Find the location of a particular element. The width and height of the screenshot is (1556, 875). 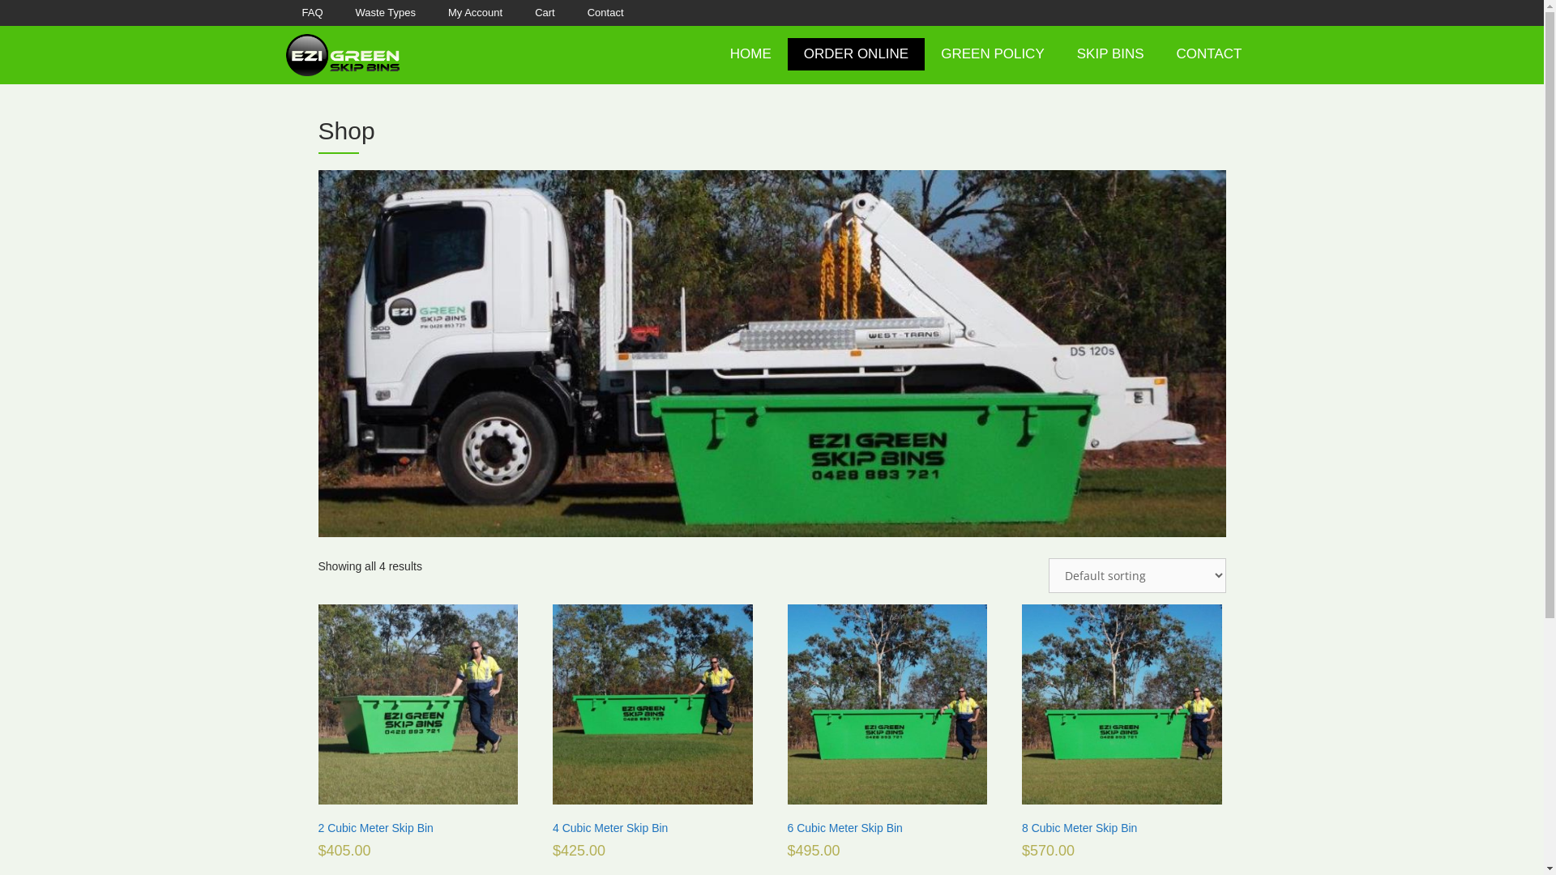

'Contact' is located at coordinates (605, 12).